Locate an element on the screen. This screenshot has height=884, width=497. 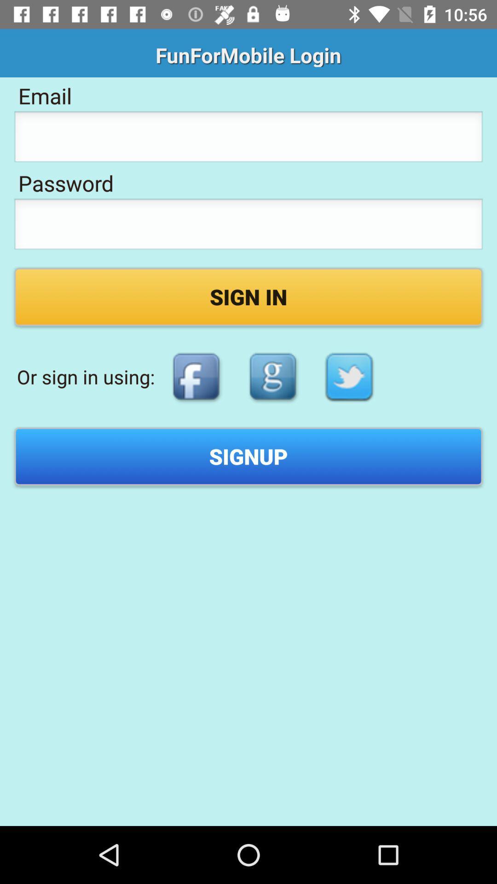
the follow icon is located at coordinates (272, 377).